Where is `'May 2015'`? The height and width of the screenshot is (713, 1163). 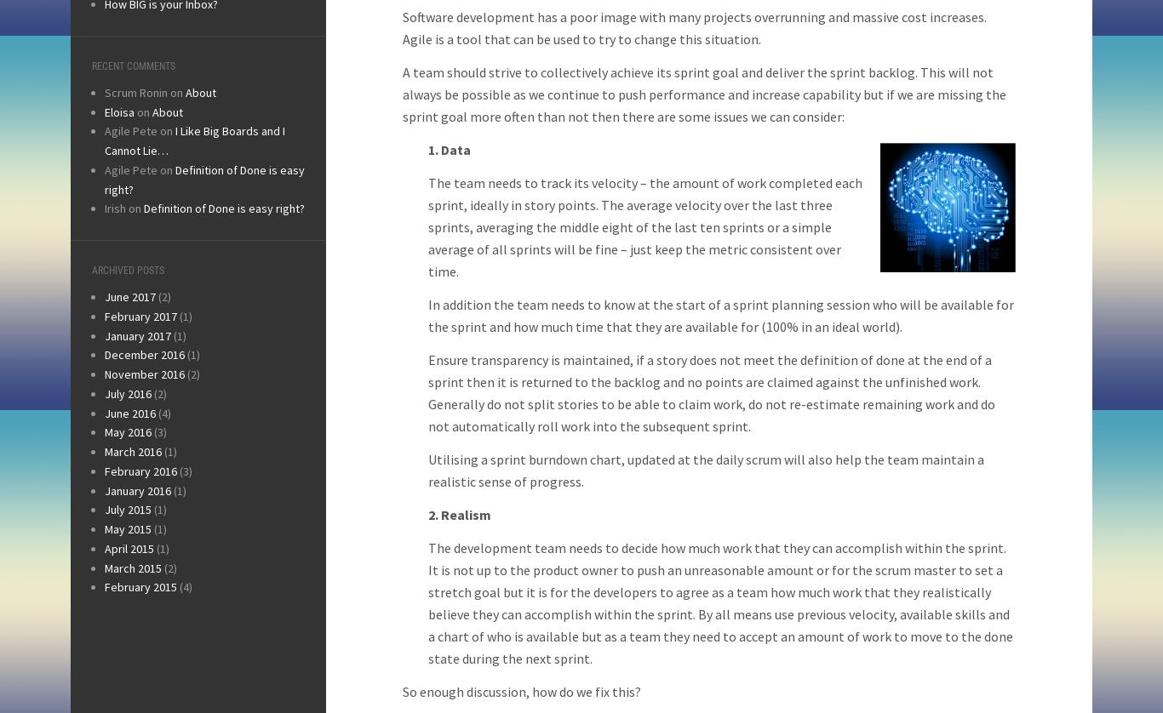
'May 2015' is located at coordinates (127, 528).